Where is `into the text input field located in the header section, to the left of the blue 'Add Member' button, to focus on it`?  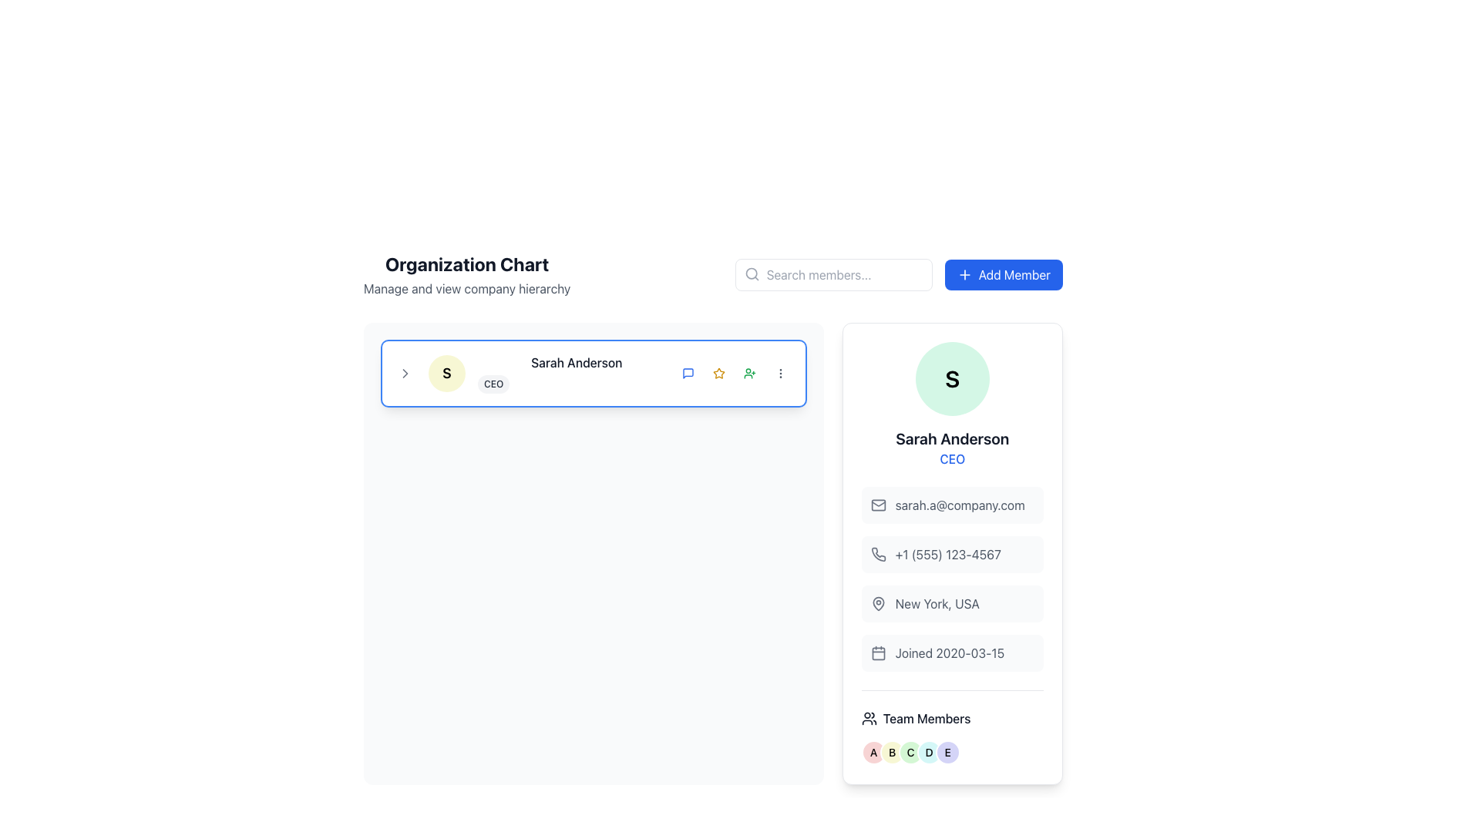 into the text input field located in the header section, to the left of the blue 'Add Member' button, to focus on it is located at coordinates (832, 274).